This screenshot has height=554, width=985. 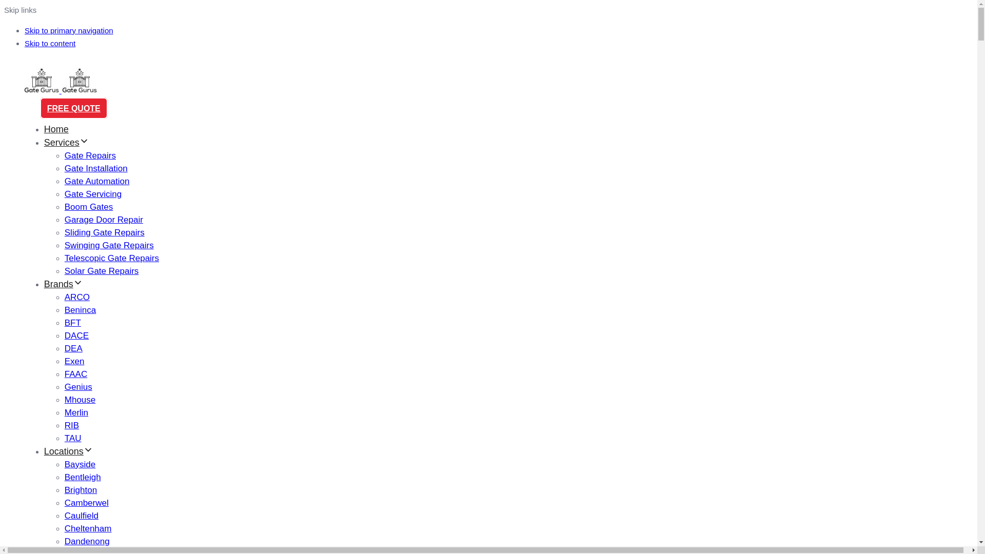 I want to click on 'Gate Installation', so click(x=64, y=168).